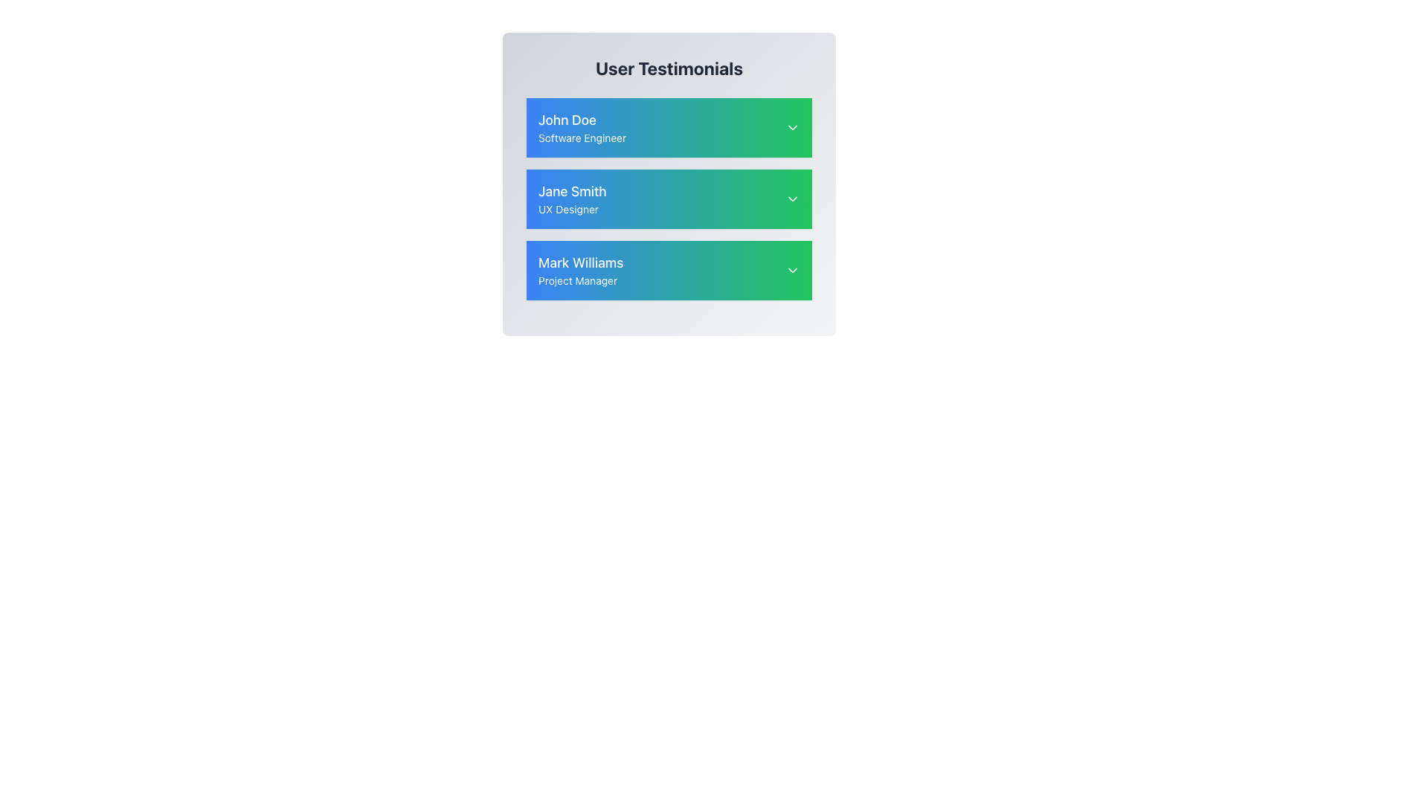  I want to click on the user information card displaying 'Jane Smith' (UX Designer) in the 'User Testimonials' section to interact with it, so click(669, 198).